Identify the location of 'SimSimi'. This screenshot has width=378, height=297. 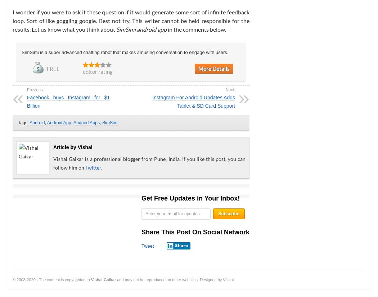
(110, 122).